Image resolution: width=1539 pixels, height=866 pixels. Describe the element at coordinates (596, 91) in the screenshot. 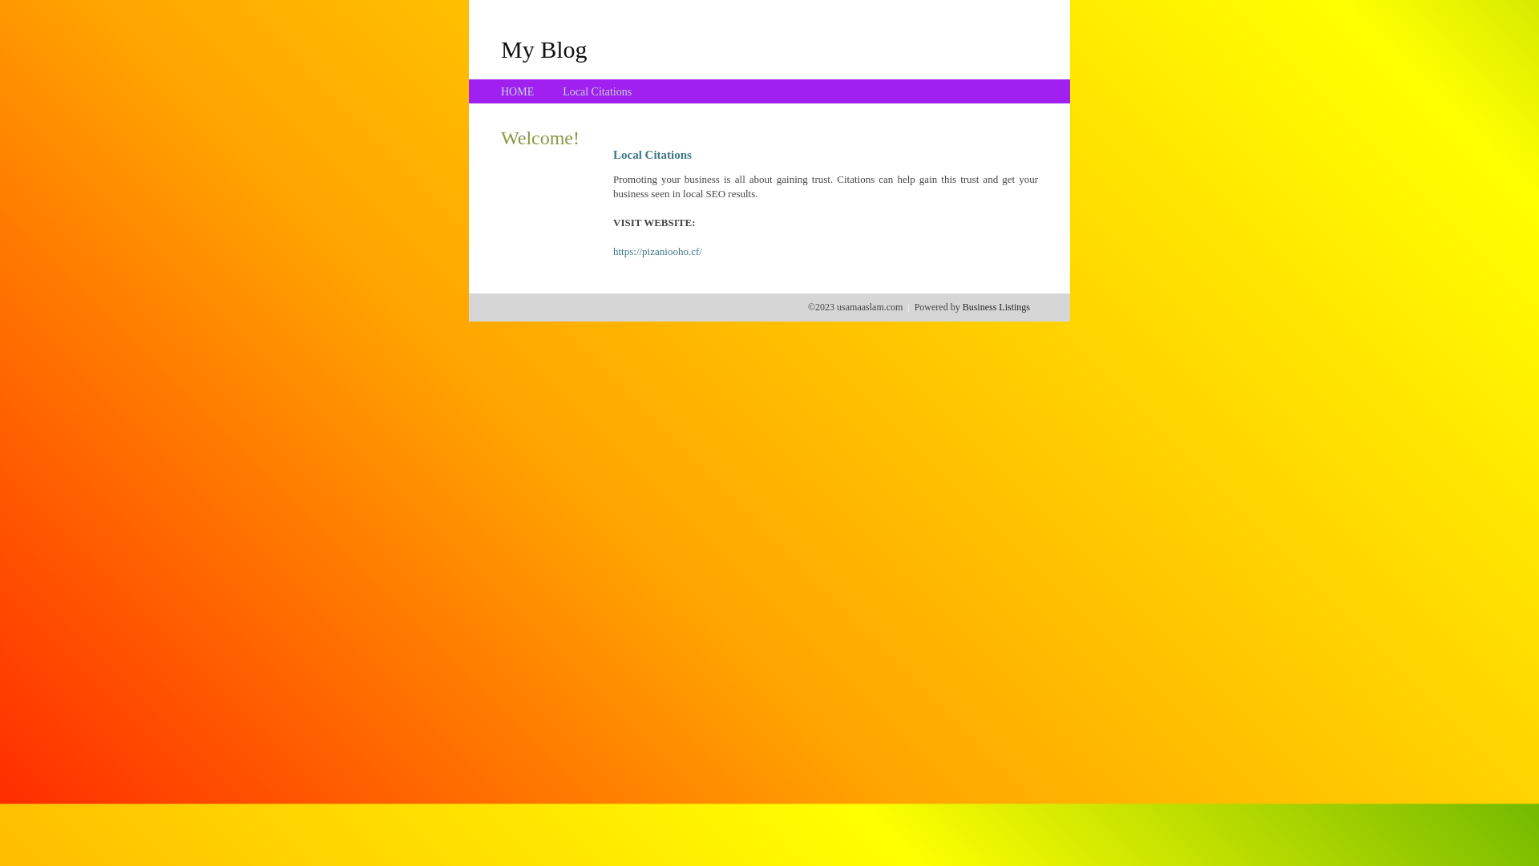

I see `'Local Citations'` at that location.